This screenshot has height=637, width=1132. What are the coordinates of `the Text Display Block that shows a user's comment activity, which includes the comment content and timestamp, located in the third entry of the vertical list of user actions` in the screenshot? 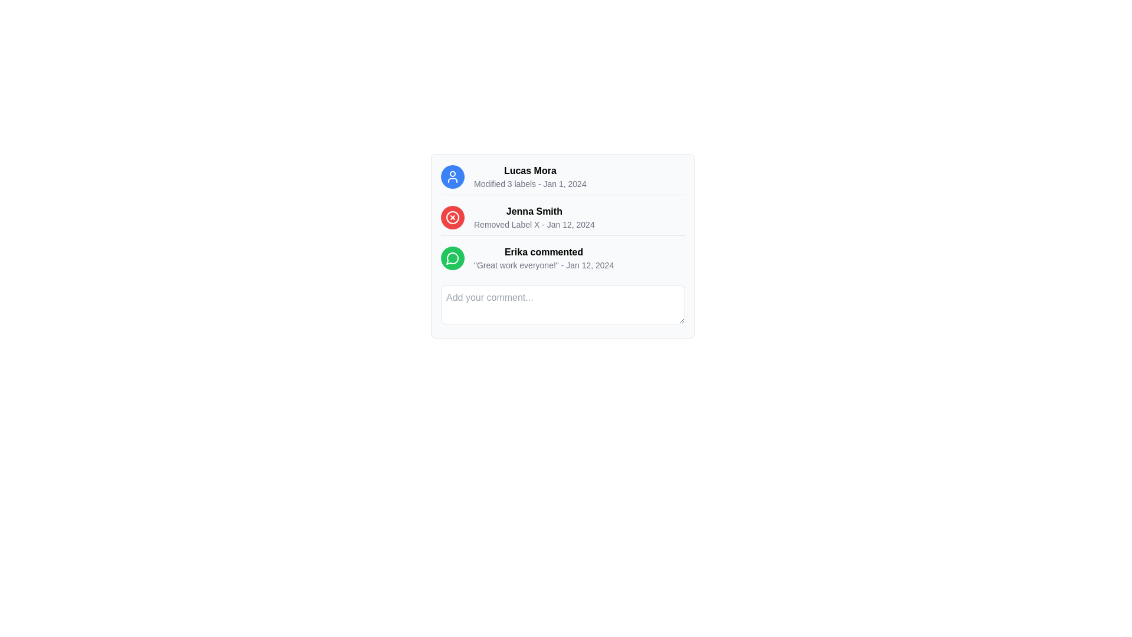 It's located at (543, 258).